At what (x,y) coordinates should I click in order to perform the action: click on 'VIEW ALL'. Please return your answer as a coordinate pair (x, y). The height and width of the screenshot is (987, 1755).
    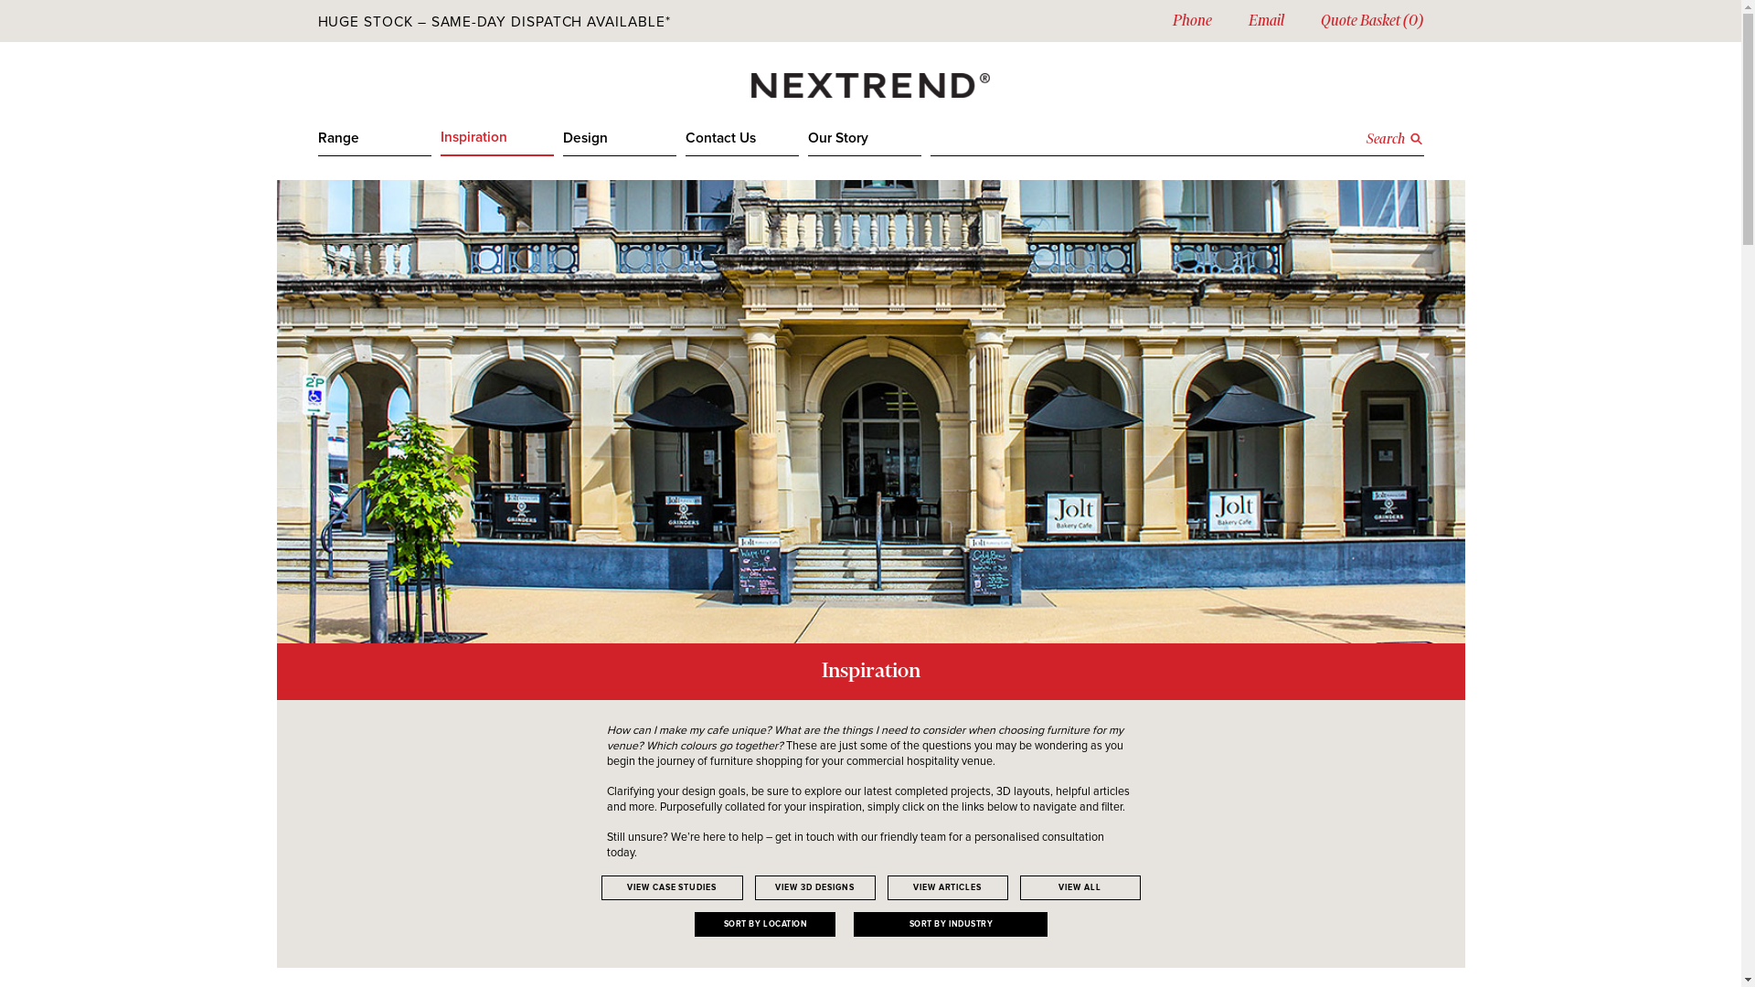
    Looking at the image, I should click on (1080, 886).